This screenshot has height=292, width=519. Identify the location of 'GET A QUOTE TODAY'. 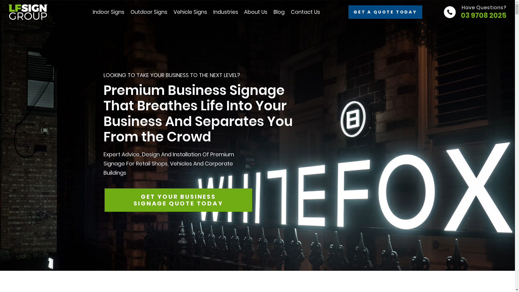
(385, 12).